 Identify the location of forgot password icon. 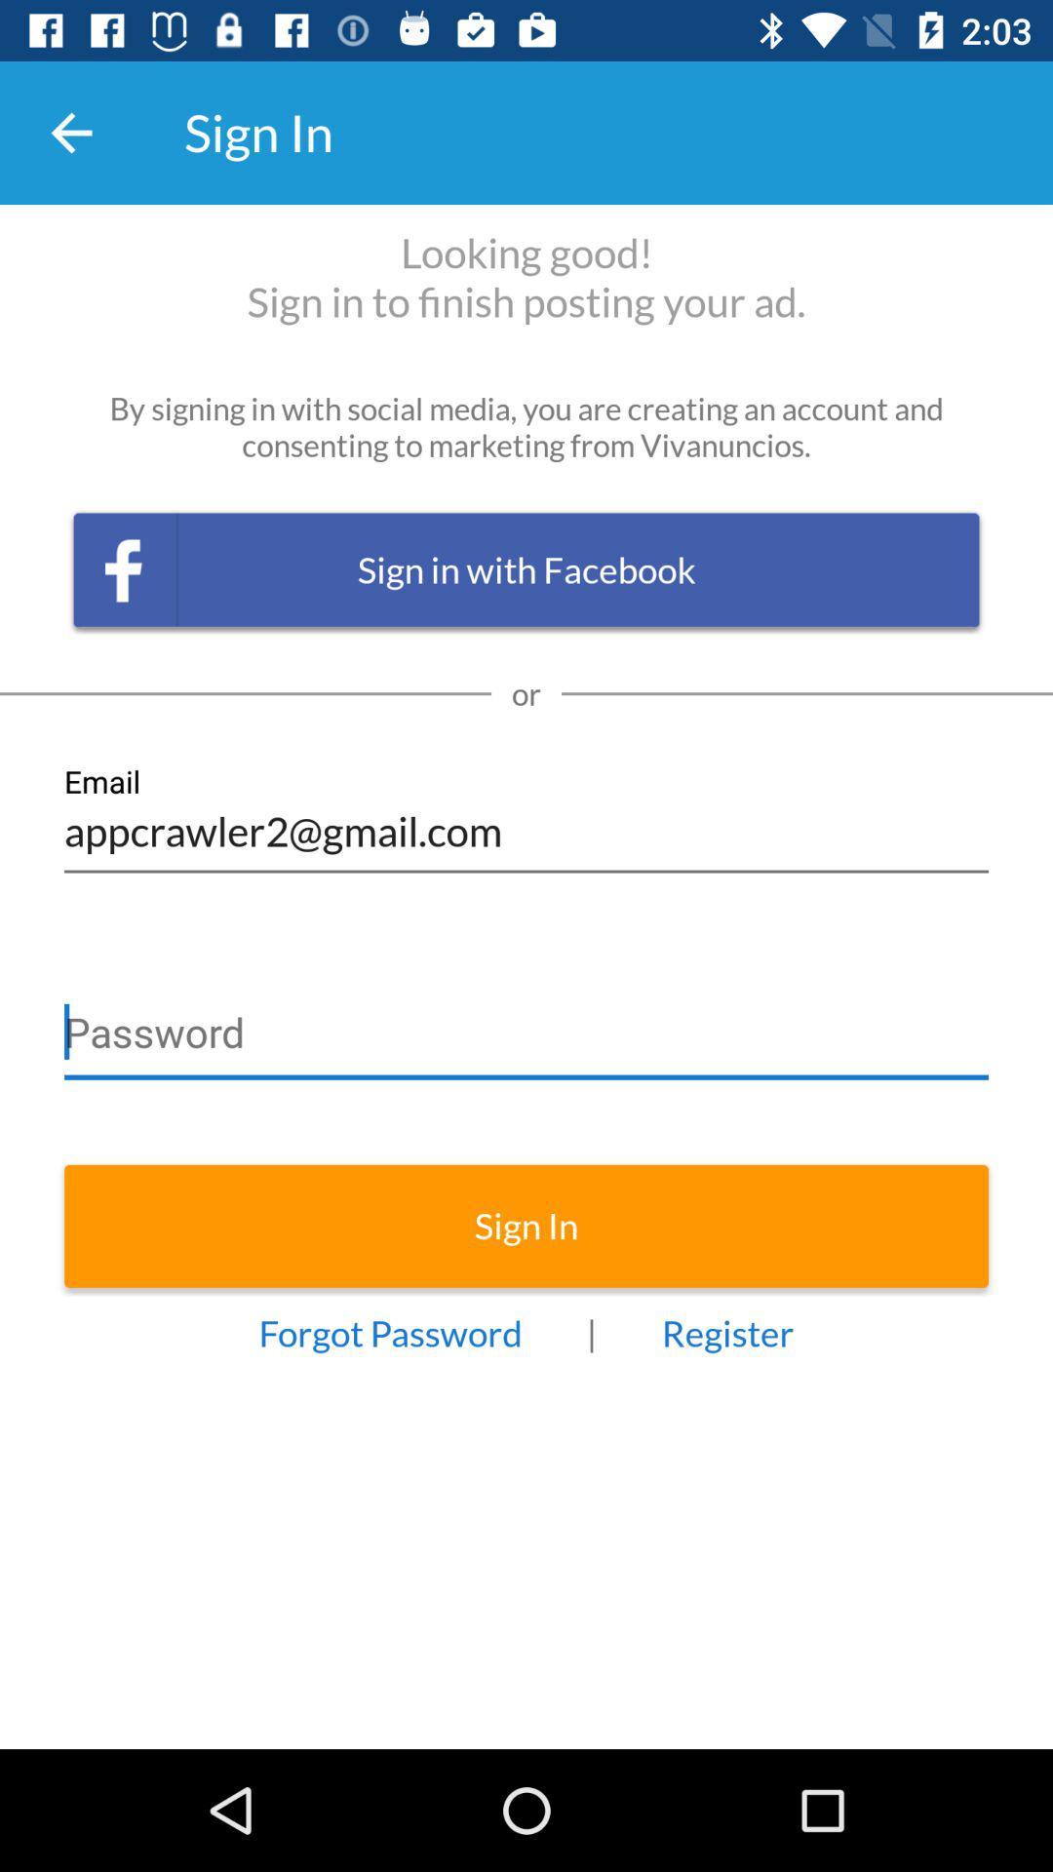
(390, 1332).